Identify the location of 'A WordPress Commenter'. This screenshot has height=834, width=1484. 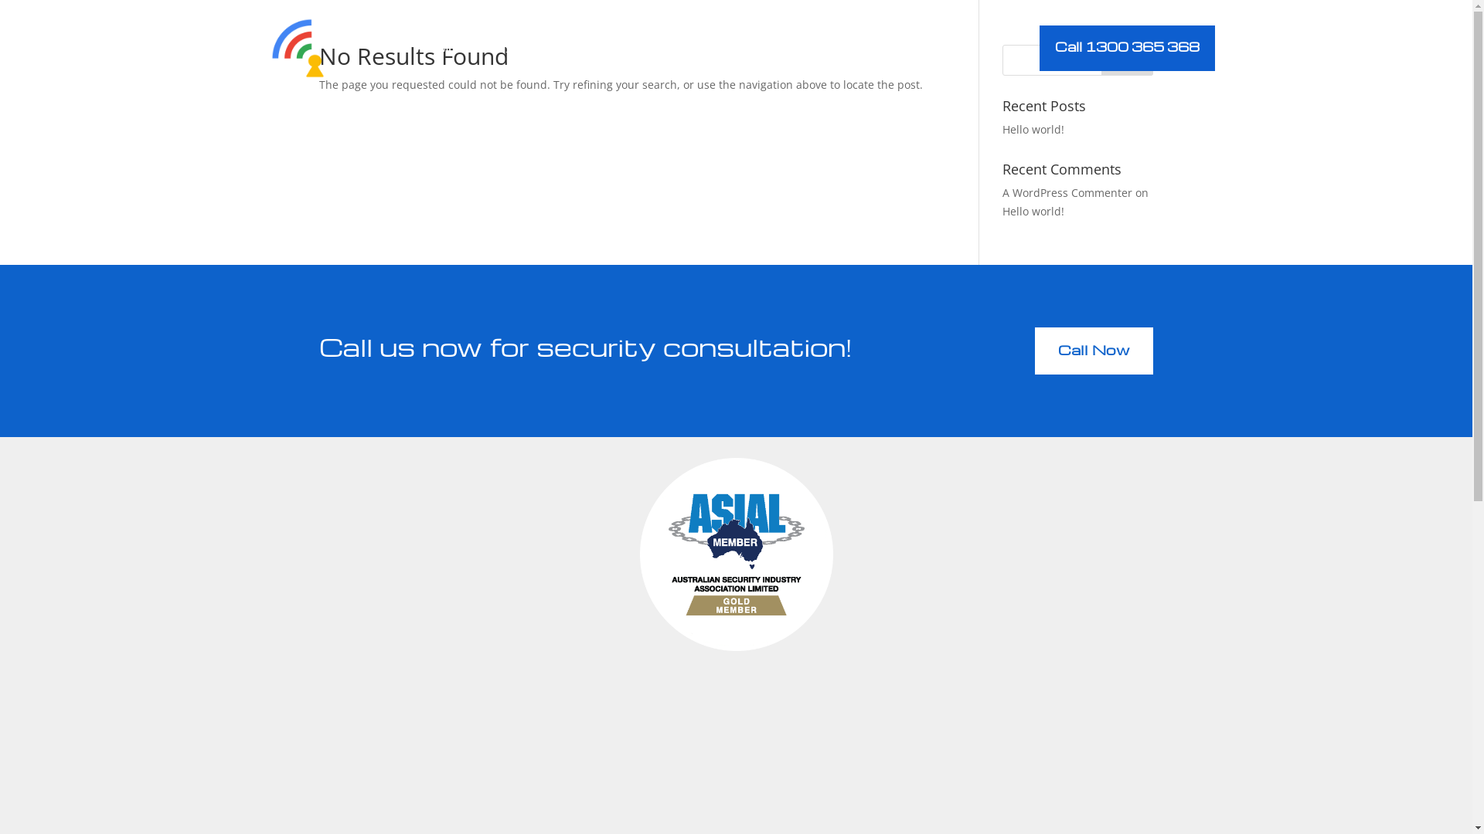
(1002, 192).